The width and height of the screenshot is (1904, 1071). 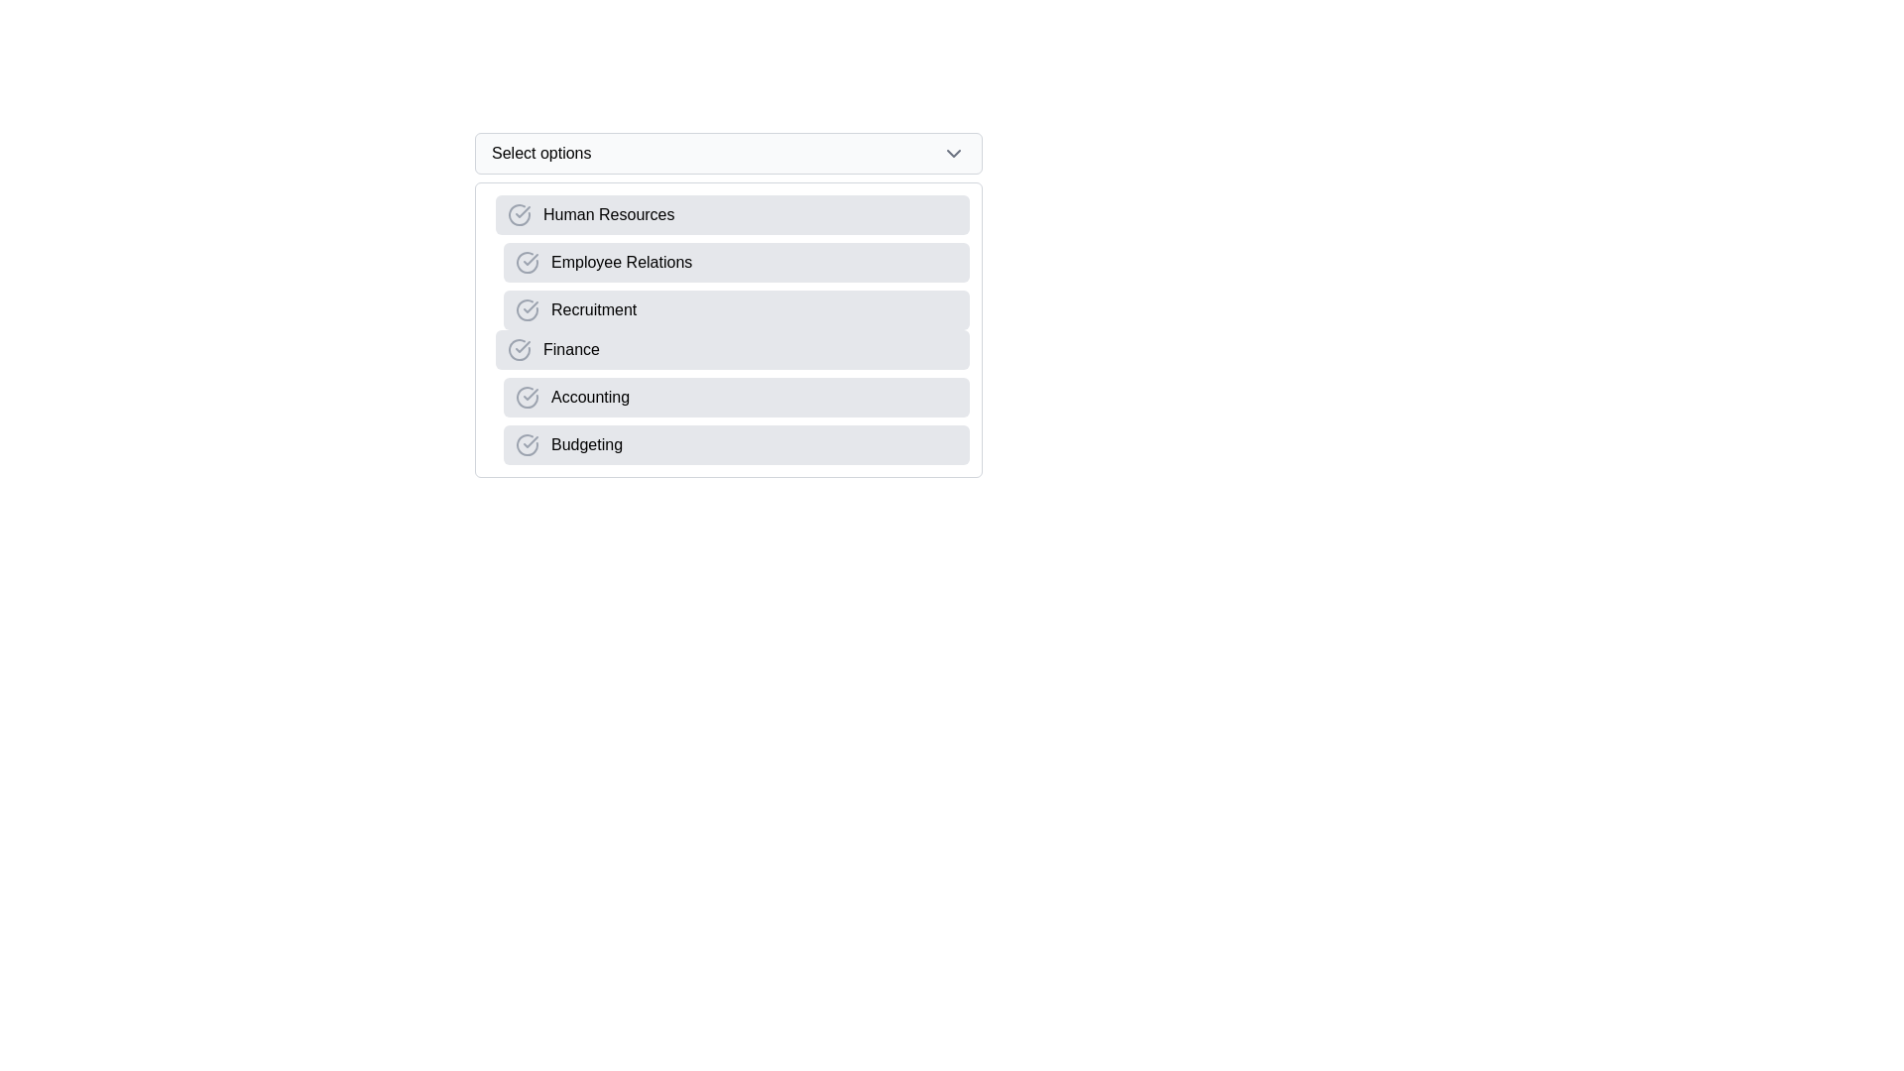 What do you see at coordinates (528, 443) in the screenshot?
I see `the SVG-based checkmark icon representing the selection status of the 'Budgeting' option, located within the sixth list item of the vertical selectable options` at bounding box center [528, 443].